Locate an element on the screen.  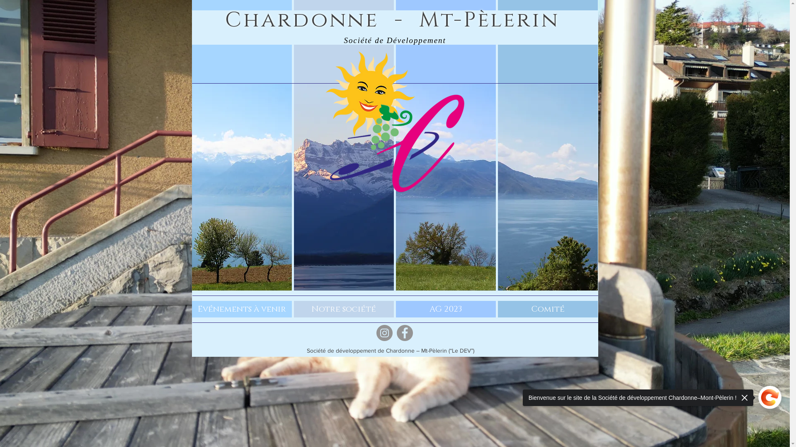
'AG 2023' is located at coordinates (445, 309).